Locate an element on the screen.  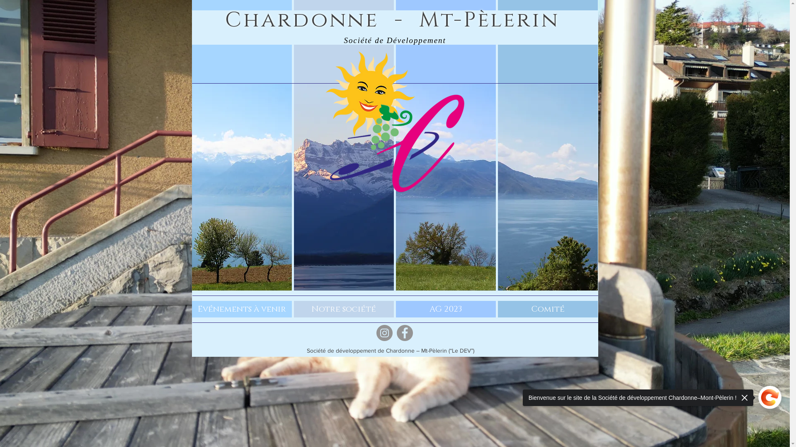
'AG 2023' is located at coordinates (445, 309).